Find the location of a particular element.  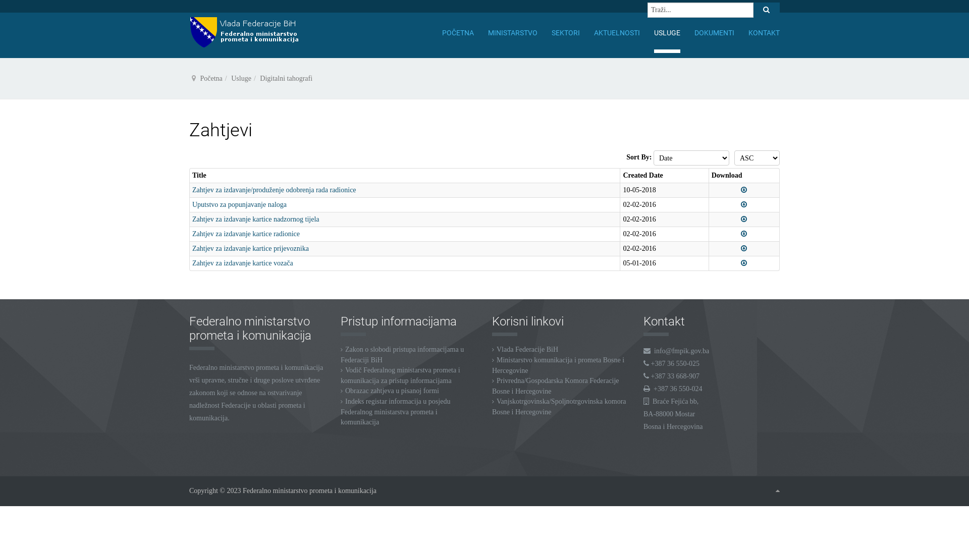

'USLUGE' is located at coordinates (667, 32).